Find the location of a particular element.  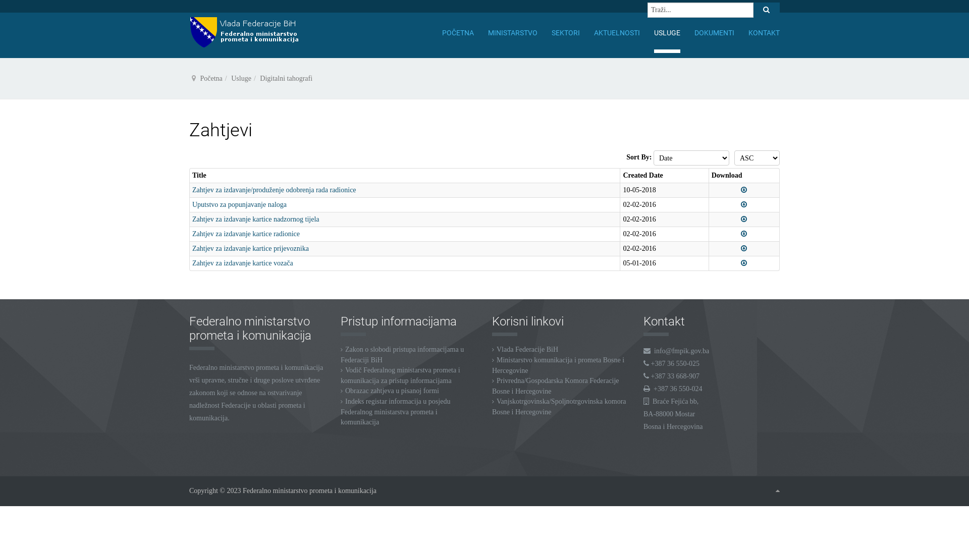

'USLUGE' is located at coordinates (667, 32).